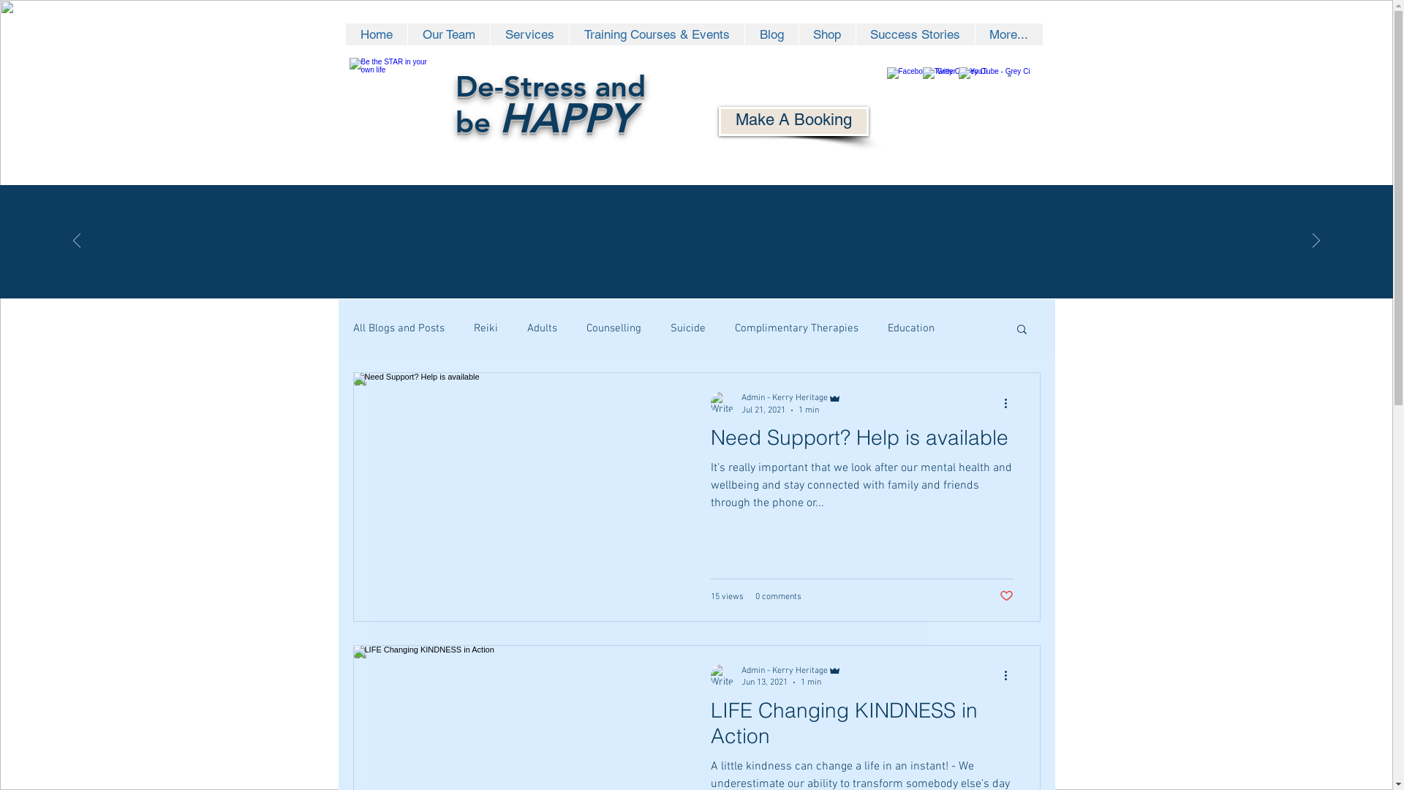 This screenshot has width=1404, height=790. I want to click on 'Complimentary Therapies', so click(795, 327).